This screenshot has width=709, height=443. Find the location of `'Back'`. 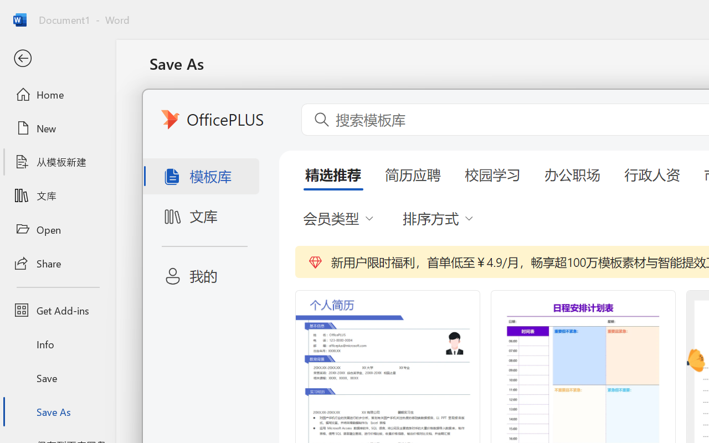

'Back' is located at coordinates (57, 58).